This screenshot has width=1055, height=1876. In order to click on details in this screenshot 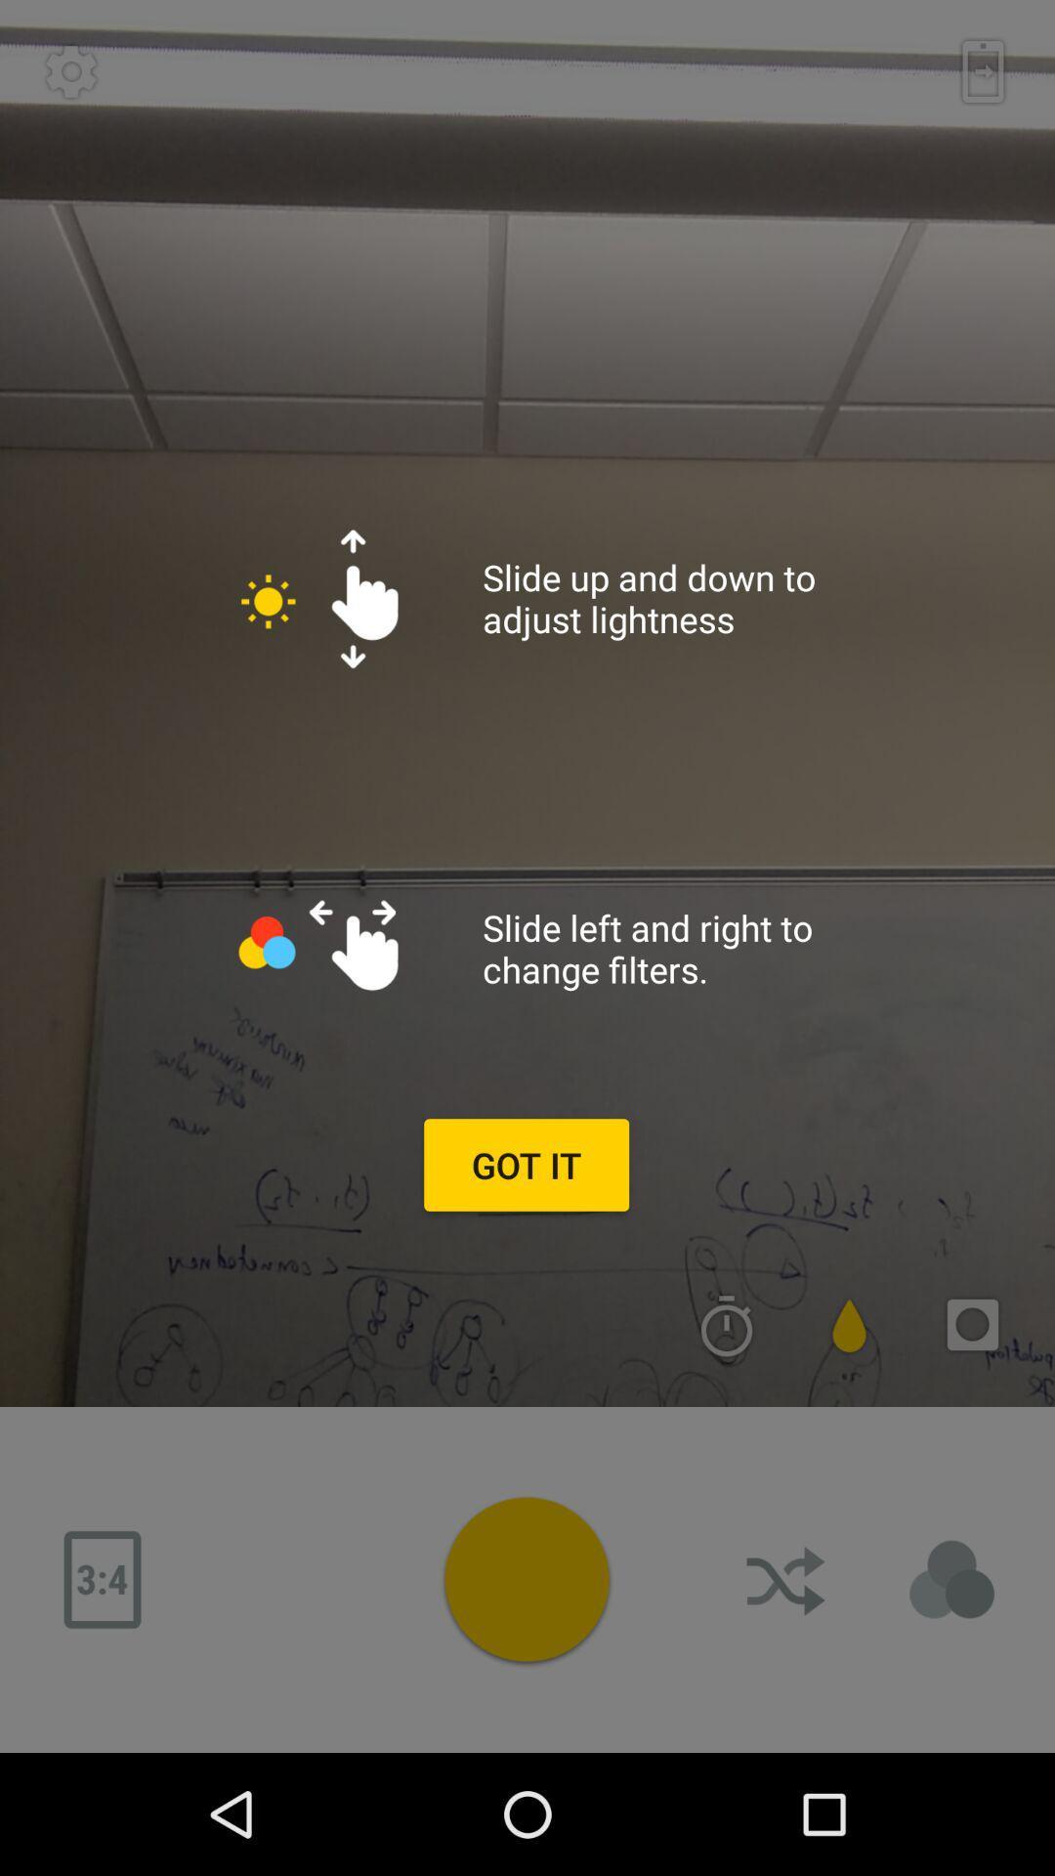, I will do `click(951, 1580)`.